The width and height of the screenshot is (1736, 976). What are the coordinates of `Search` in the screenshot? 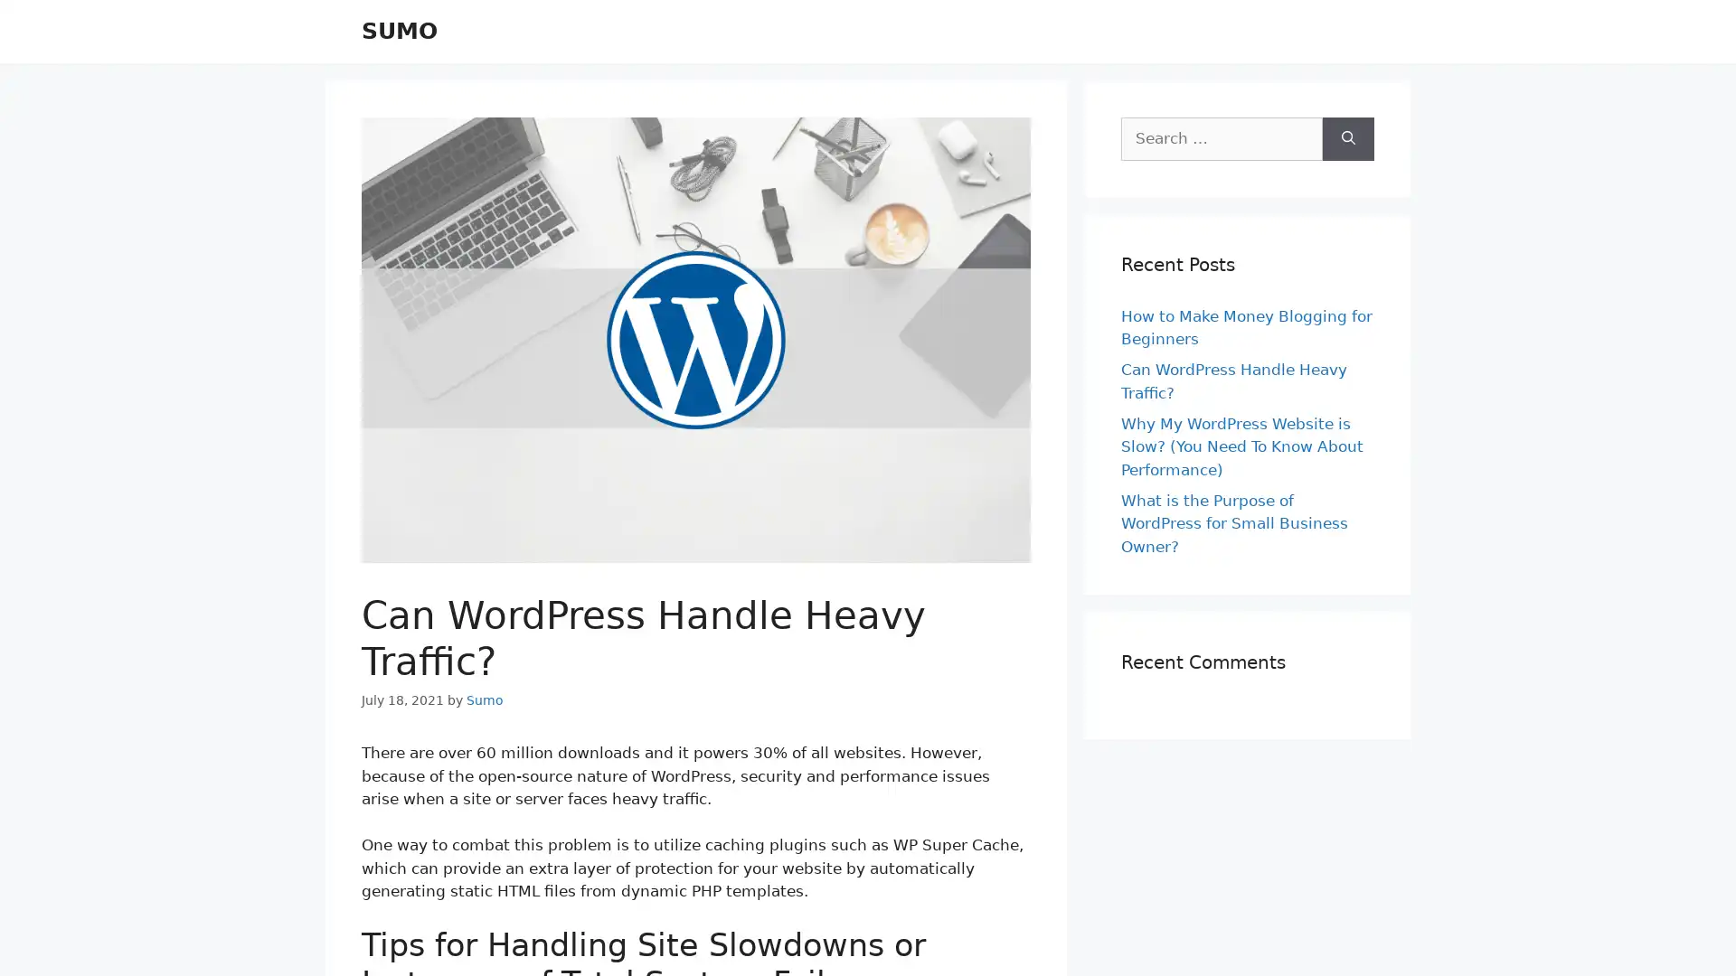 It's located at (1348, 137).